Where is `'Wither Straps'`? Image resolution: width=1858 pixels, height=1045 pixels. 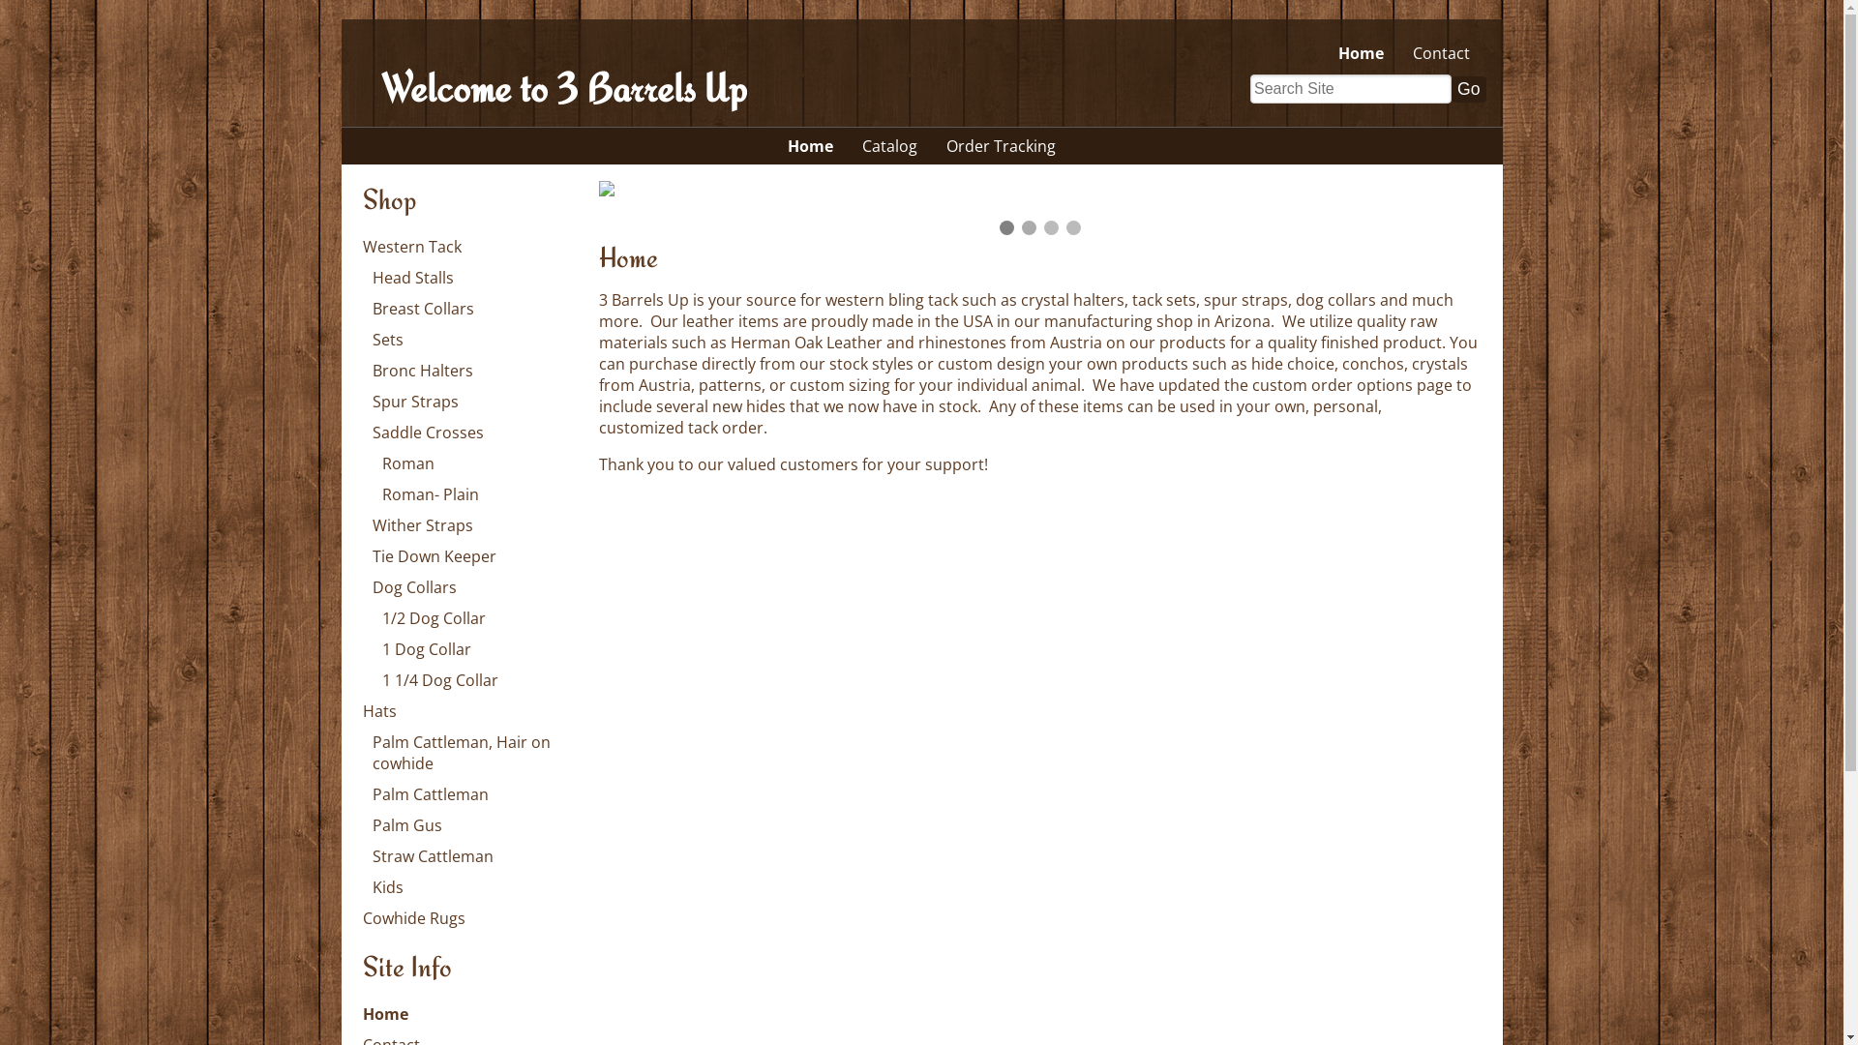 'Wither Straps' is located at coordinates (421, 525).